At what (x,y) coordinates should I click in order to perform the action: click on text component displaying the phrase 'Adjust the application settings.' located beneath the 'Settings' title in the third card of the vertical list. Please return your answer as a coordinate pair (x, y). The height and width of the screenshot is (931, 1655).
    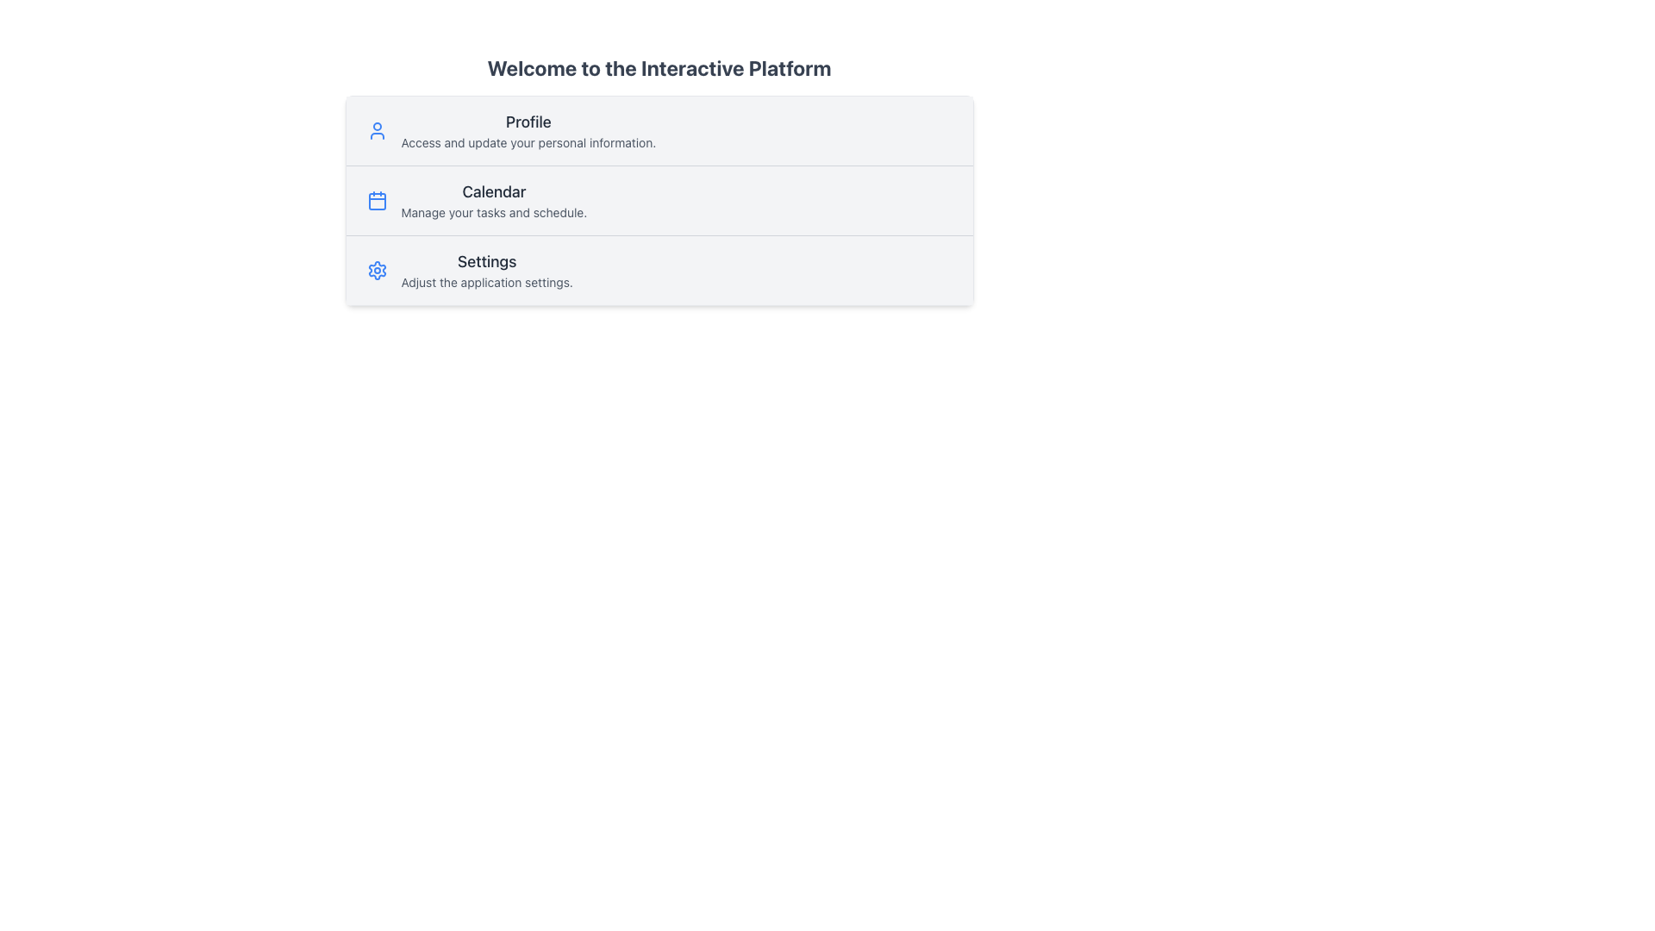
    Looking at the image, I should click on (486, 281).